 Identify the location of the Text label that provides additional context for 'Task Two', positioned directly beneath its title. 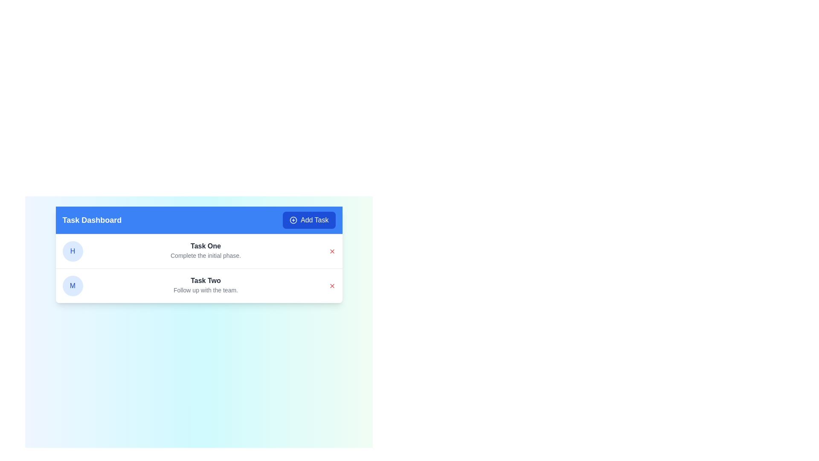
(206, 289).